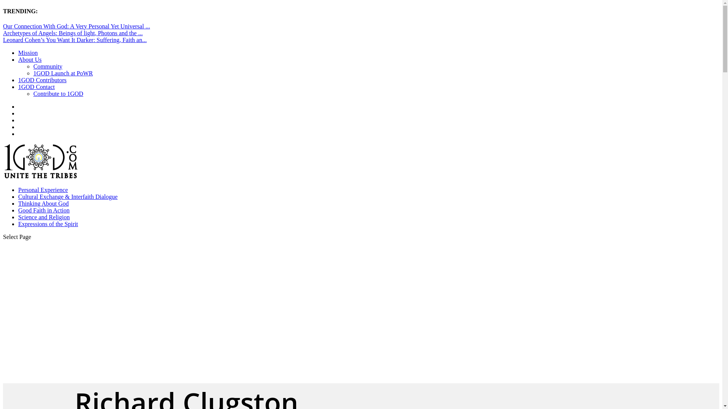  I want to click on '1GOD Launch at PoWR', so click(63, 73).